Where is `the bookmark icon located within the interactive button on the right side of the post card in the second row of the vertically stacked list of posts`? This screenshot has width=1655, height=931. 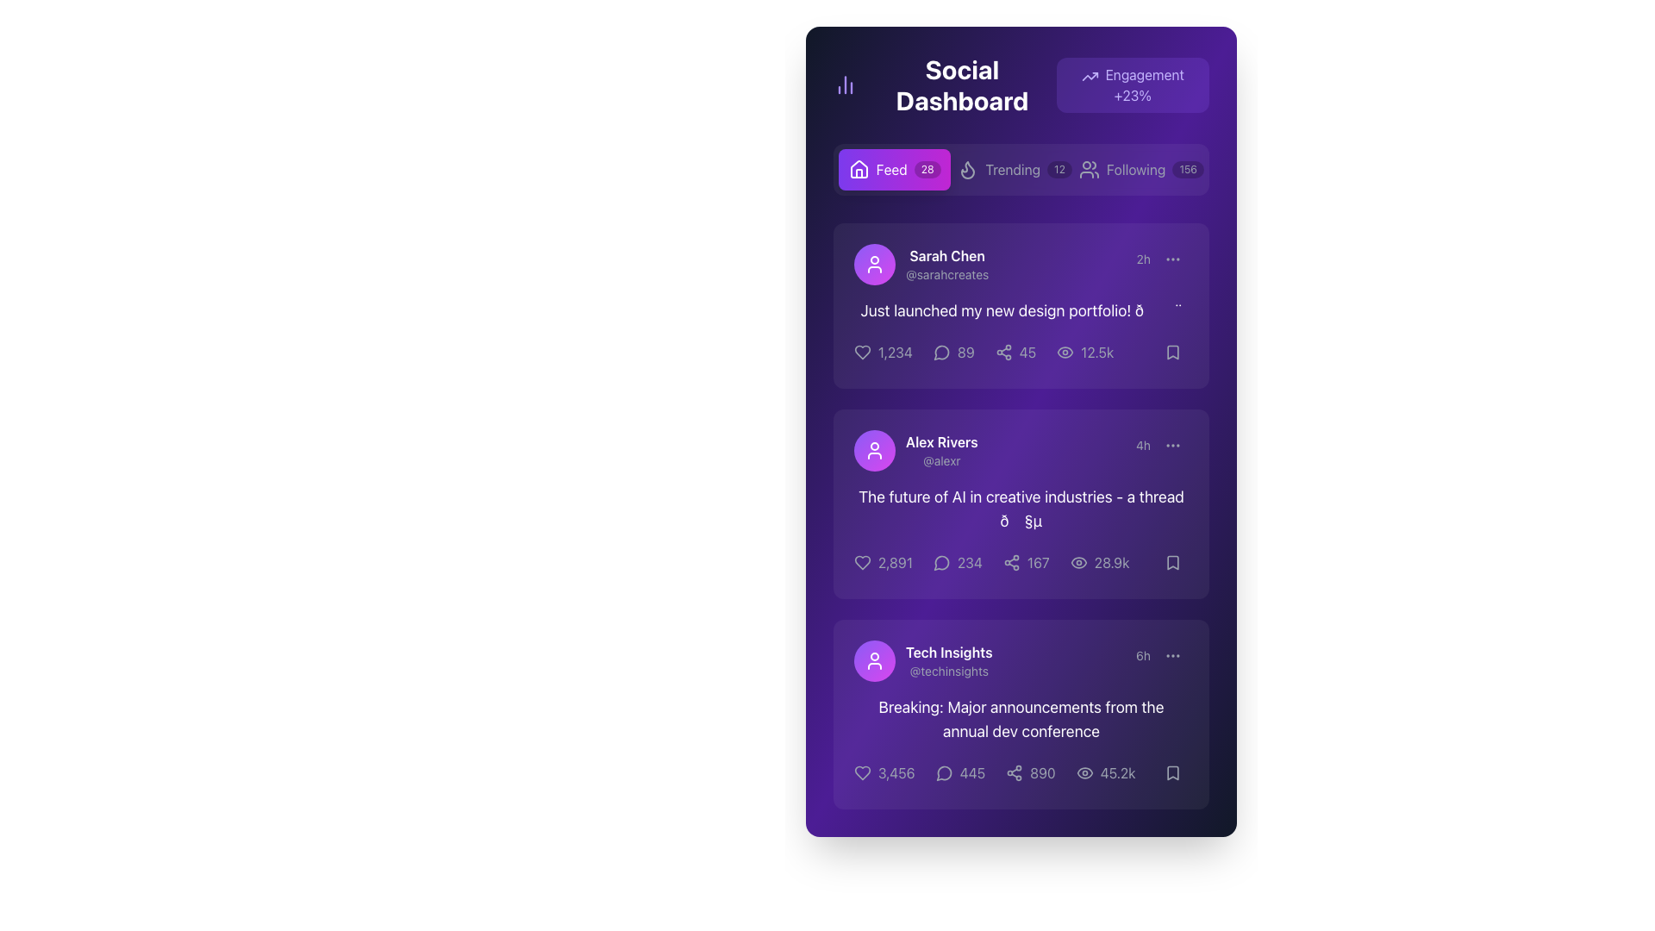
the bookmark icon located within the interactive button on the right side of the post card in the second row of the vertically stacked list of posts is located at coordinates (1172, 562).